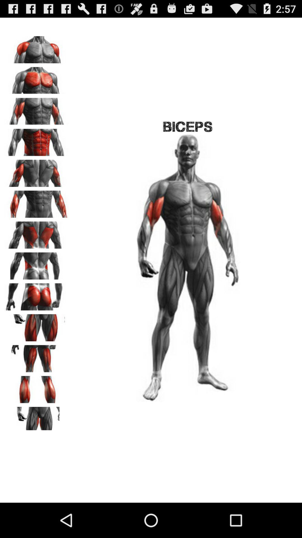  I want to click on see inner thigh exercises, so click(37, 418).